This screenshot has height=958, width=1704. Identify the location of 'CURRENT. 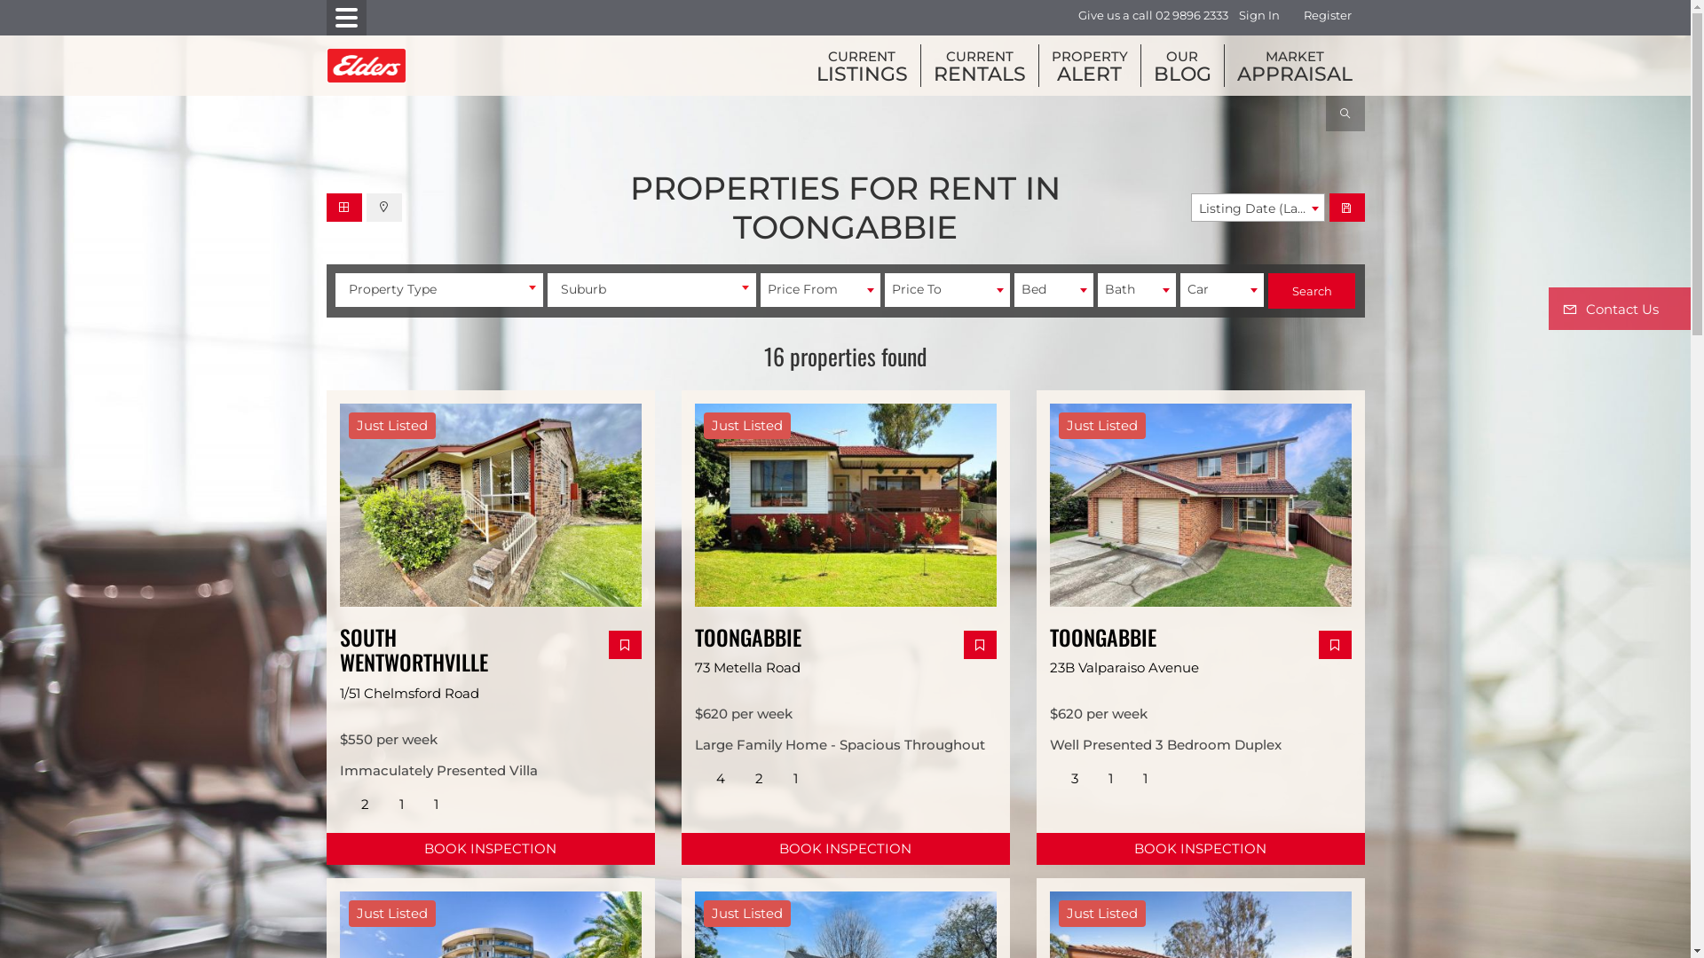
(862, 64).